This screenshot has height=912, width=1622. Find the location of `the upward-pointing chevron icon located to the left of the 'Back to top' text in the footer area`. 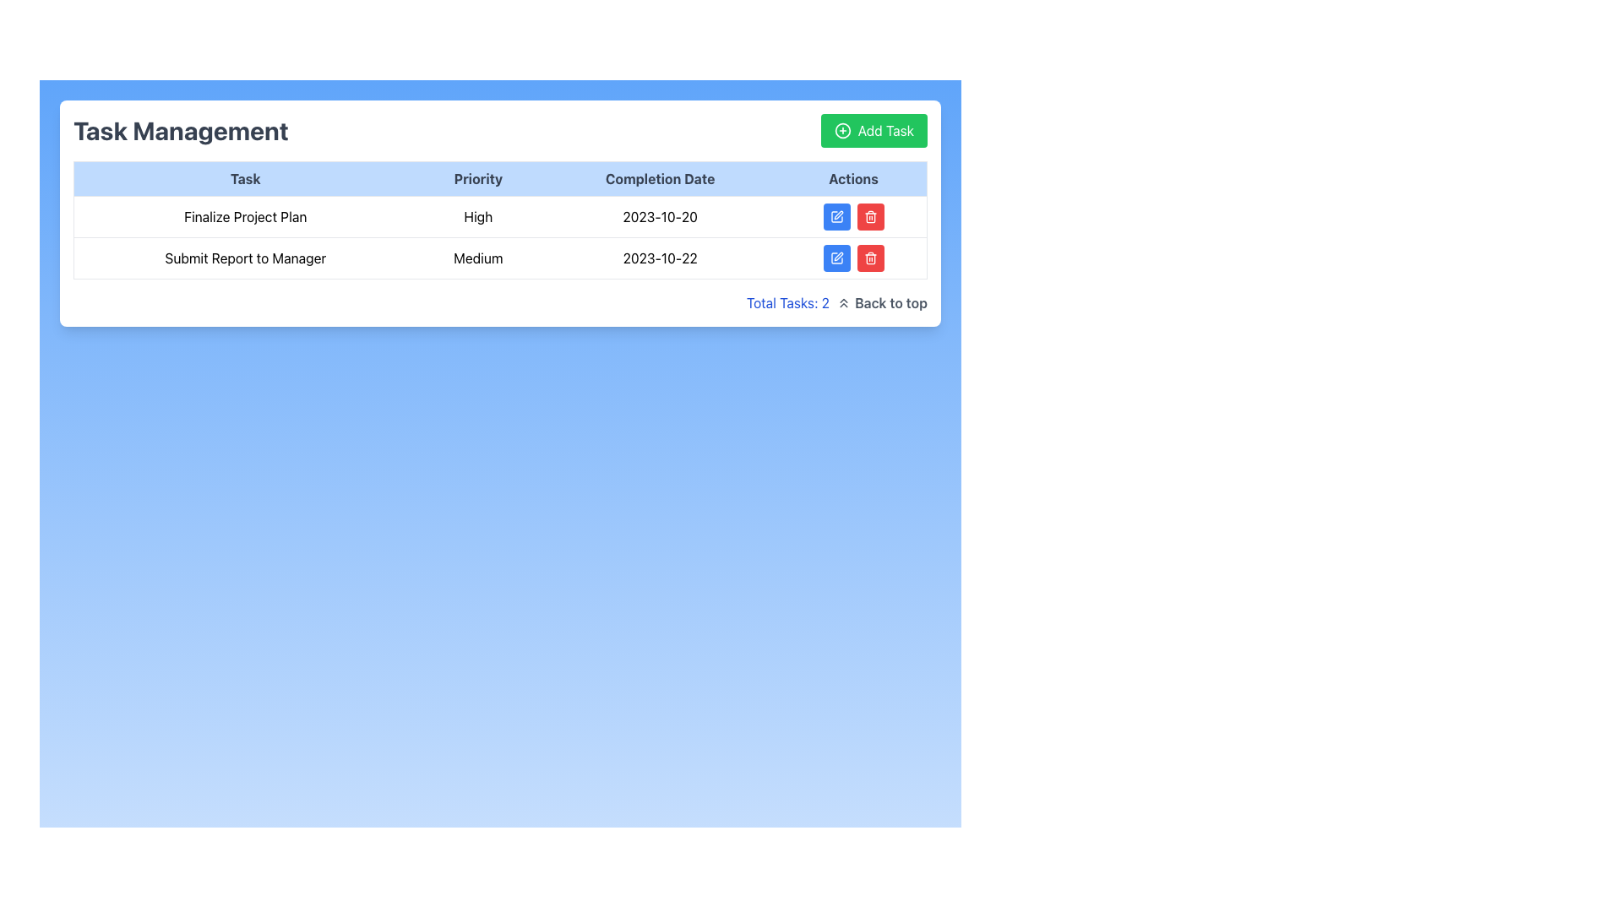

the upward-pointing chevron icon located to the left of the 'Back to top' text in the footer area is located at coordinates (843, 301).